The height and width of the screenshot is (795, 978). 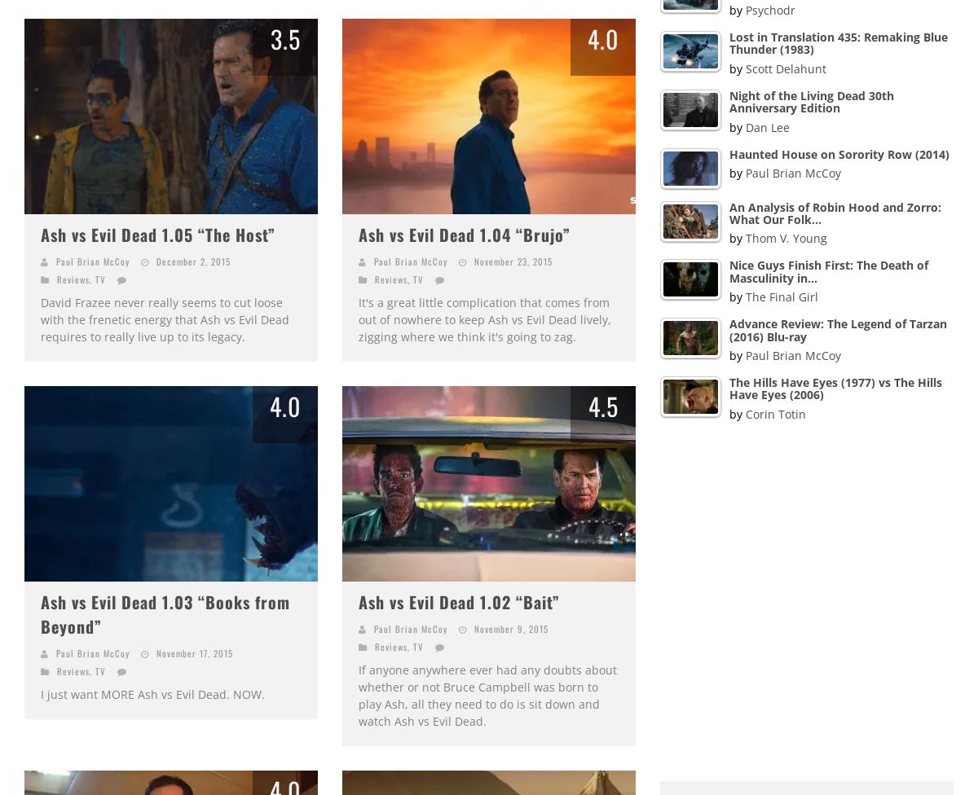 What do you see at coordinates (359, 318) in the screenshot?
I see `'It's a great little complication that comes from out of nowhere to keep Ash vs Evil Dead lively, zigging where we think it's going to zag.'` at bounding box center [359, 318].